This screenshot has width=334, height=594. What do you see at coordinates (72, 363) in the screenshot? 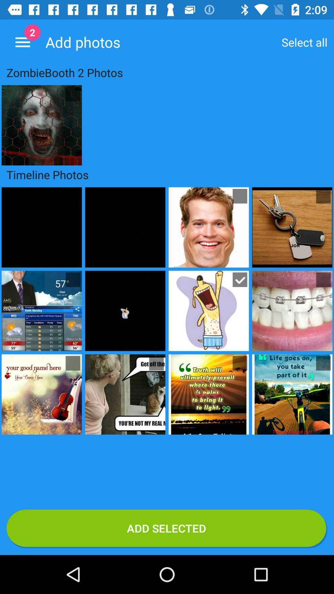
I see `the check box on left side of third image which is below timeline photos` at bounding box center [72, 363].